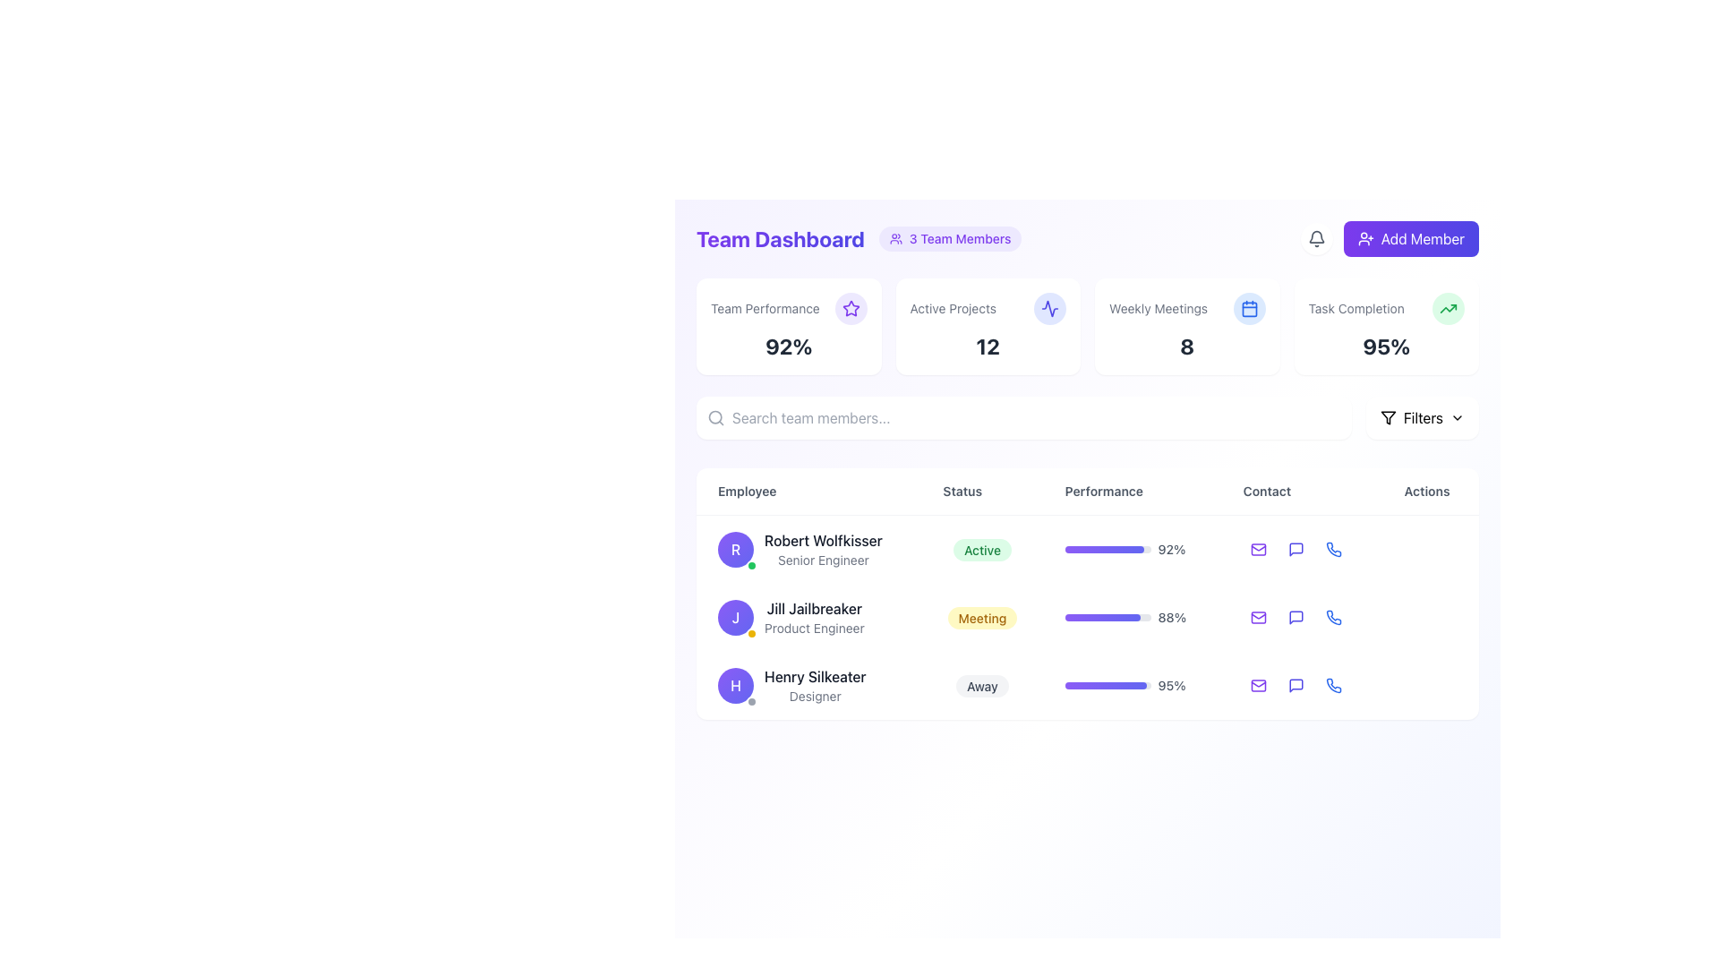  I want to click on the Avatar located in the top-left of the row labeled 'Robert Wolfkisser Senior Engineer' within the 'Employee' column of the table, so click(735, 548).